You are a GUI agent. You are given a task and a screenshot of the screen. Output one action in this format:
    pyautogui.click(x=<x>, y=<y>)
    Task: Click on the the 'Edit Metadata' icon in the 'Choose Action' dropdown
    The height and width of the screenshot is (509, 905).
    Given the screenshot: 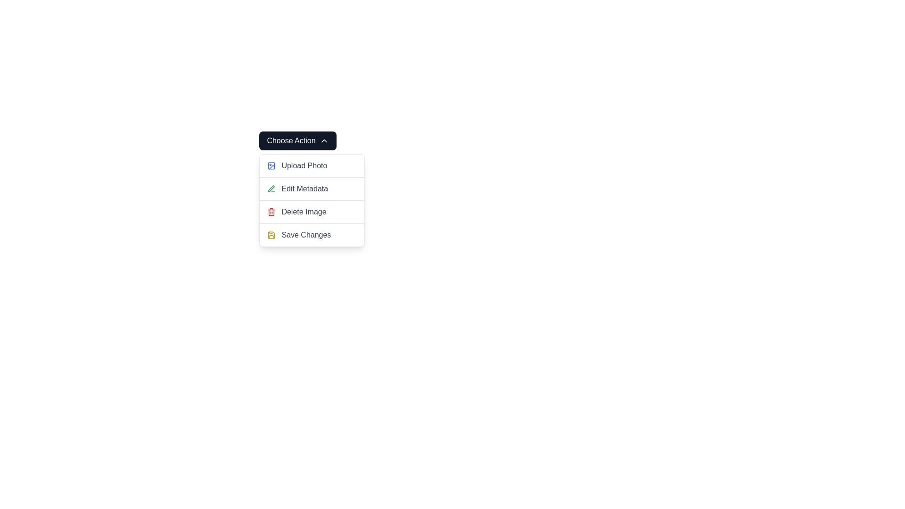 What is the action you would take?
    pyautogui.click(x=271, y=189)
    